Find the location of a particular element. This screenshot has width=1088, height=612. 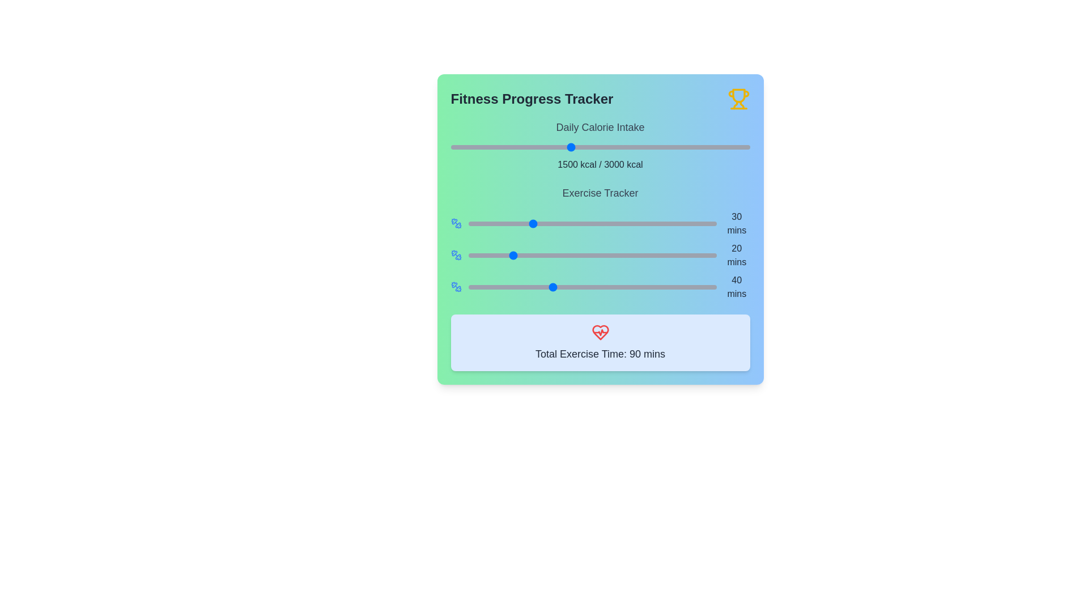

the slider value is located at coordinates (667, 256).